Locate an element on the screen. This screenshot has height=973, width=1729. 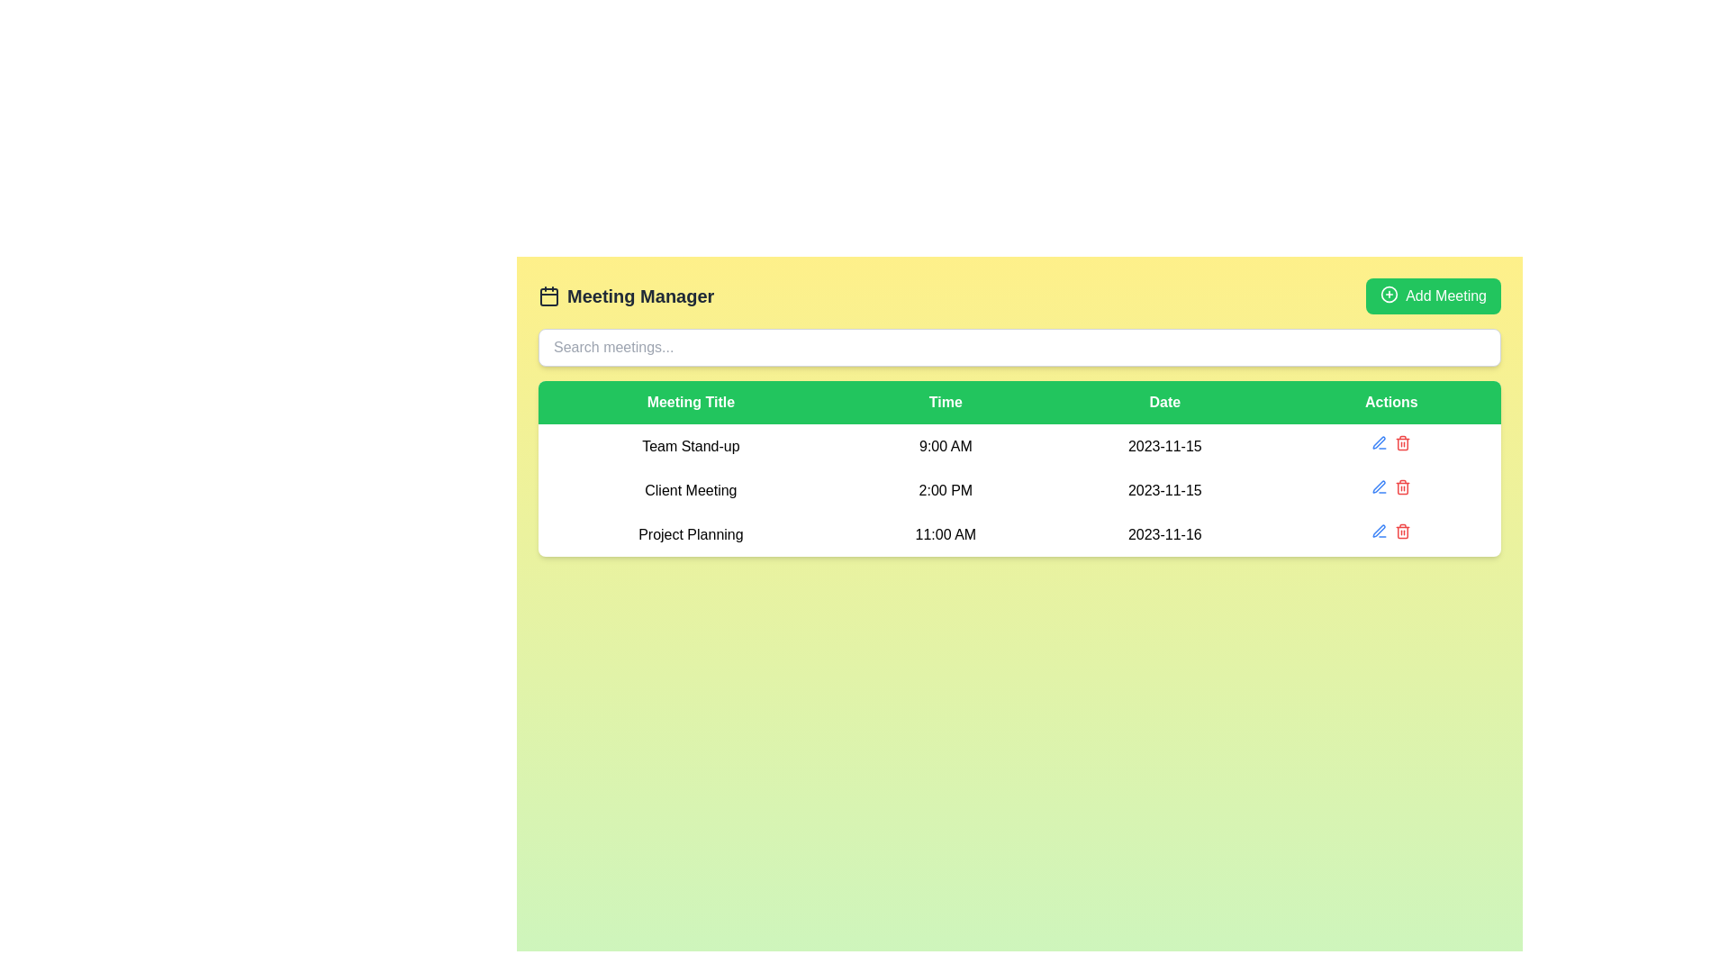
the text label displaying the date for the 'Project Planning' meeting event, which is the third cell in the 'Date' column of the table, located directly to the right of the '11:00 AM' cell is located at coordinates (1164, 533).